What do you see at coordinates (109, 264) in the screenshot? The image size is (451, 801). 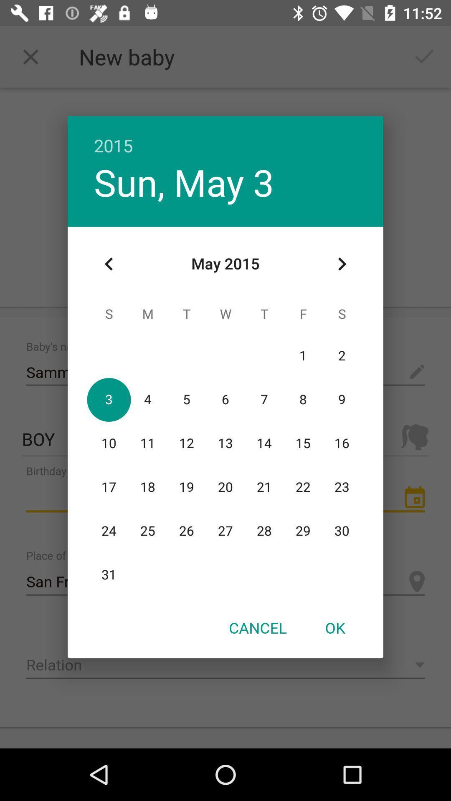 I see `icon at the top left corner` at bounding box center [109, 264].